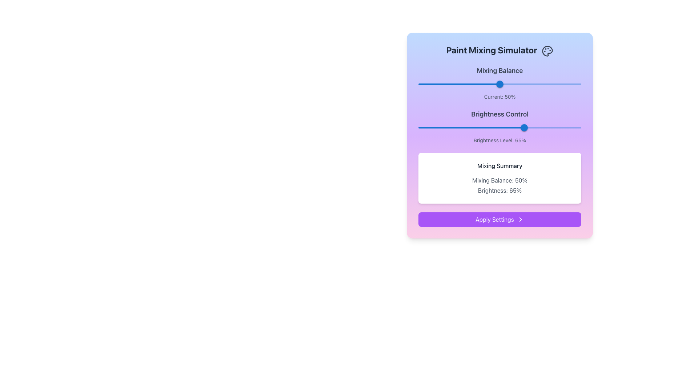  I want to click on the mixing balance, so click(569, 83).